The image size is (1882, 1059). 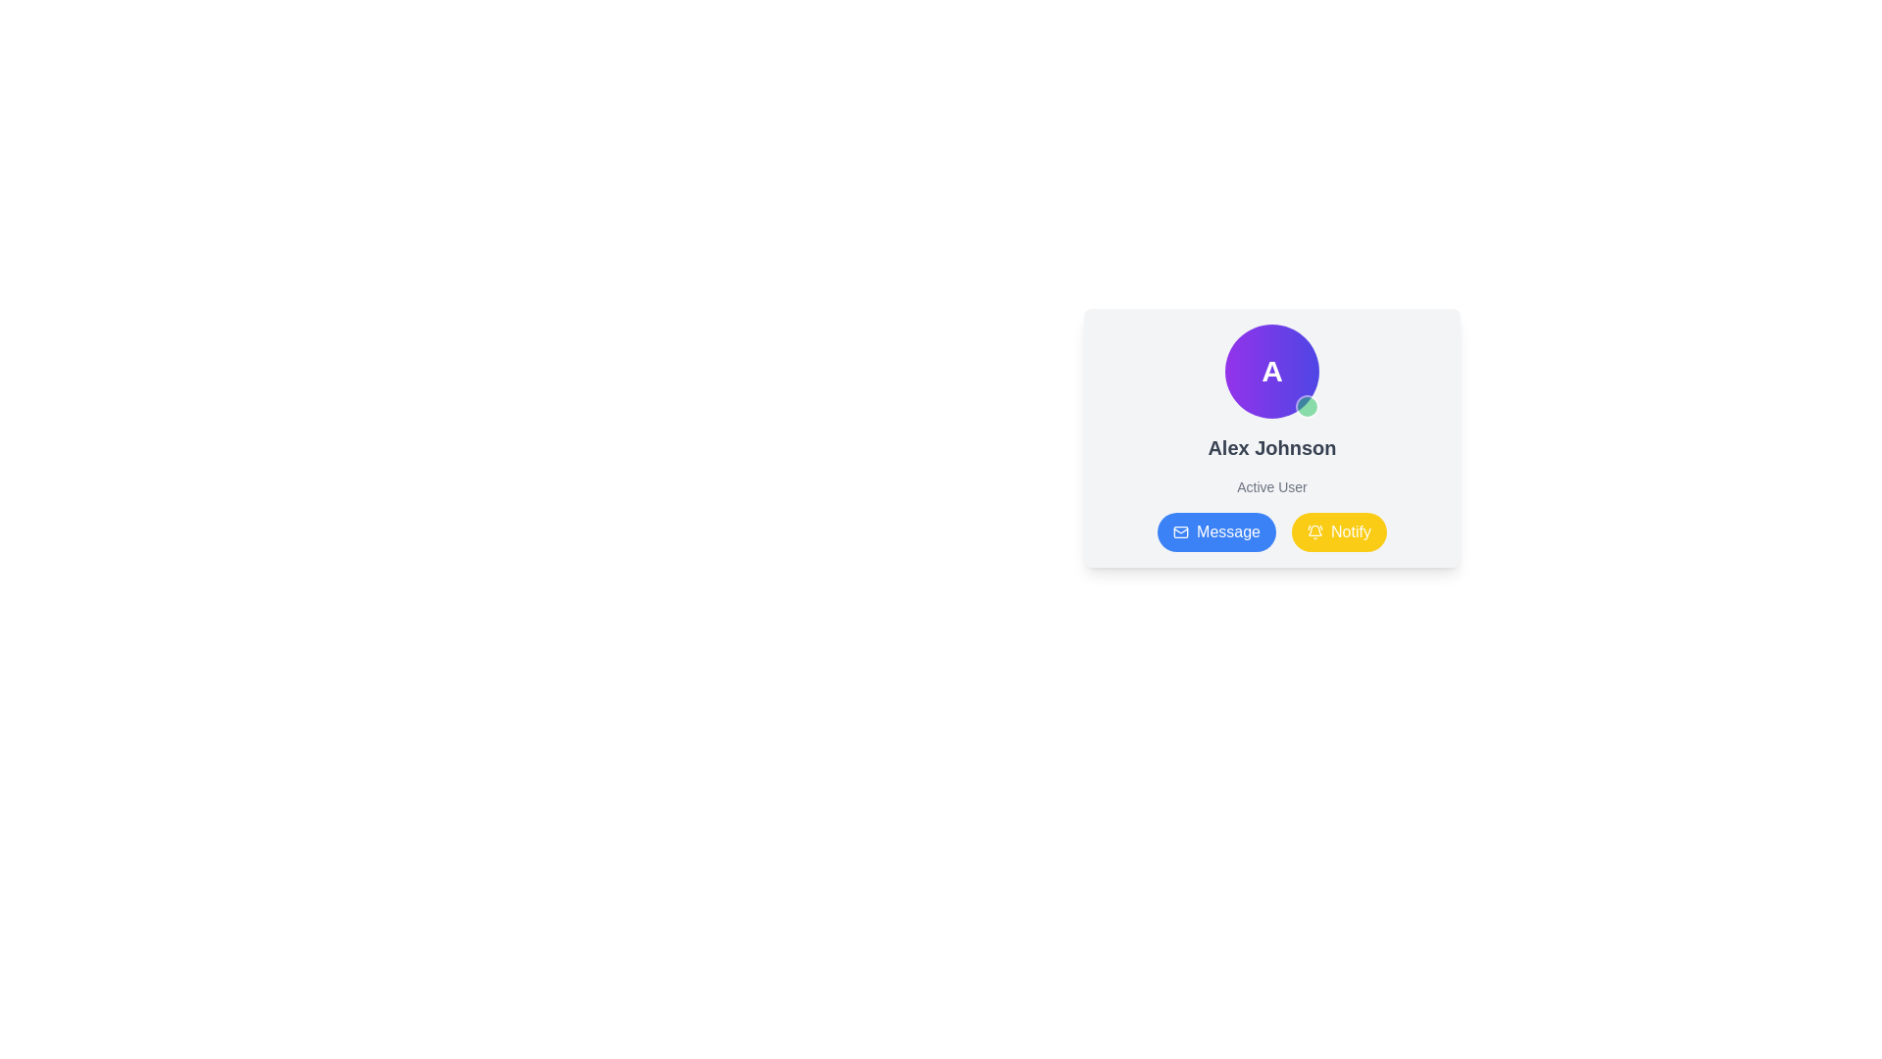 I want to click on the 'Message' button in the button group located at the bottom of the user information card, so click(x=1271, y=532).